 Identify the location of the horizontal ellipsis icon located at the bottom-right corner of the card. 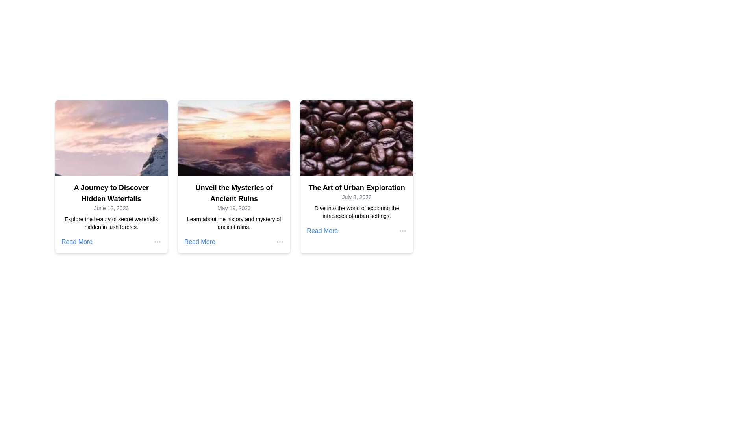
(280, 241).